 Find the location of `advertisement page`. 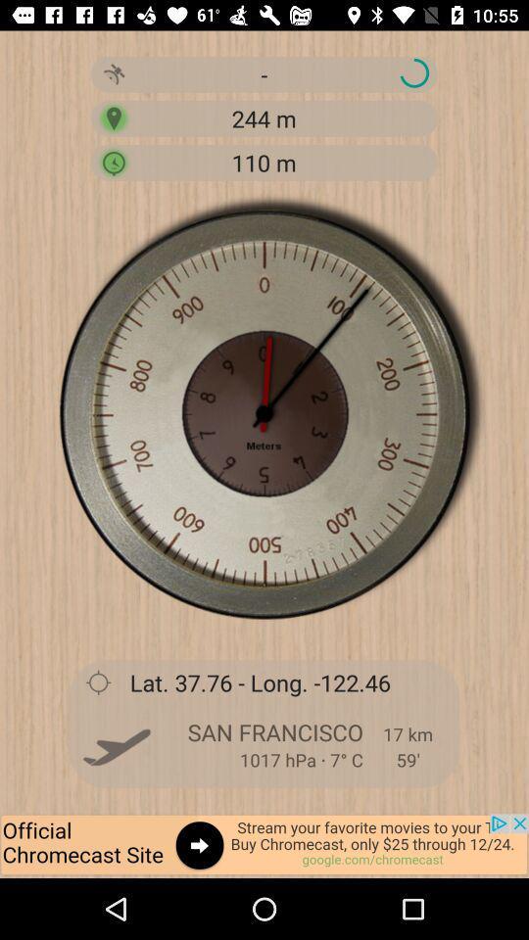

advertisement page is located at coordinates (264, 845).